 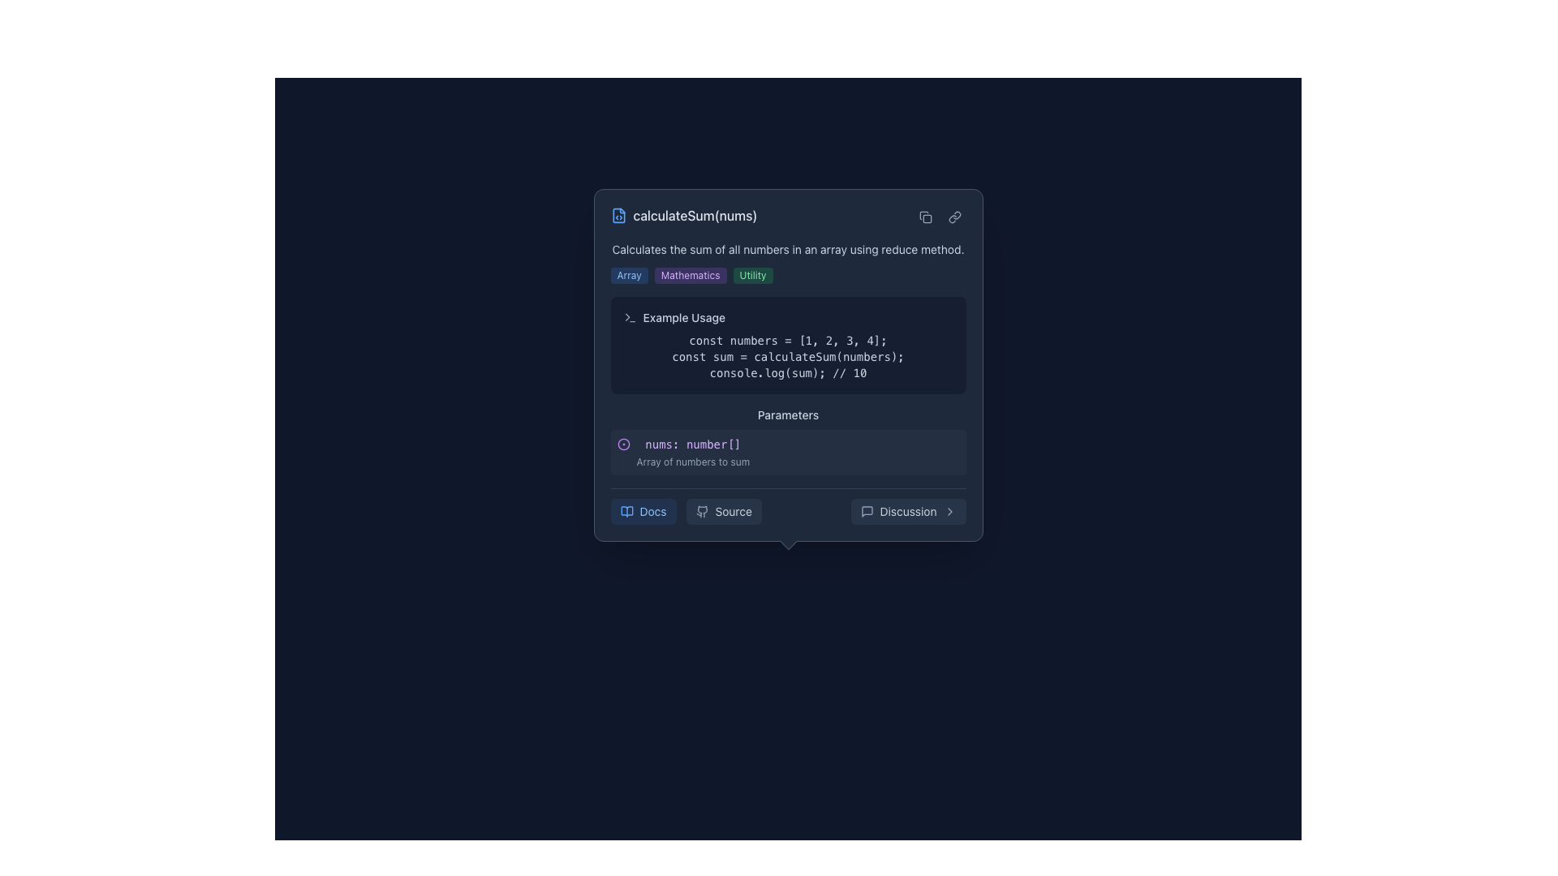 I want to click on the GitHub icon, which features a minimalist light gray cat silhouette with a curled tail, located to the left of the 'Source' button's textual label, so click(x=702, y=512).